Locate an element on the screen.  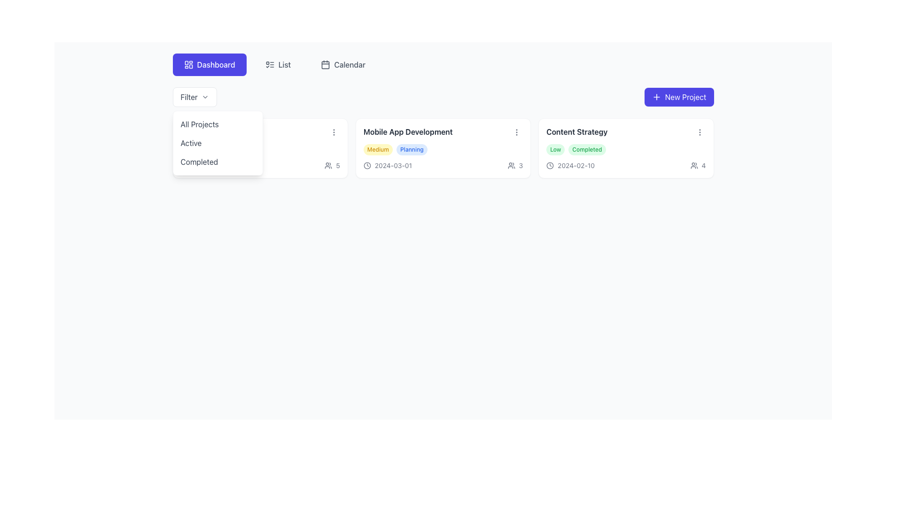
the clickable text label located as the second item in the horizontal navigation bar, positioned between a list icon and a Calendar label is located at coordinates (284, 64).